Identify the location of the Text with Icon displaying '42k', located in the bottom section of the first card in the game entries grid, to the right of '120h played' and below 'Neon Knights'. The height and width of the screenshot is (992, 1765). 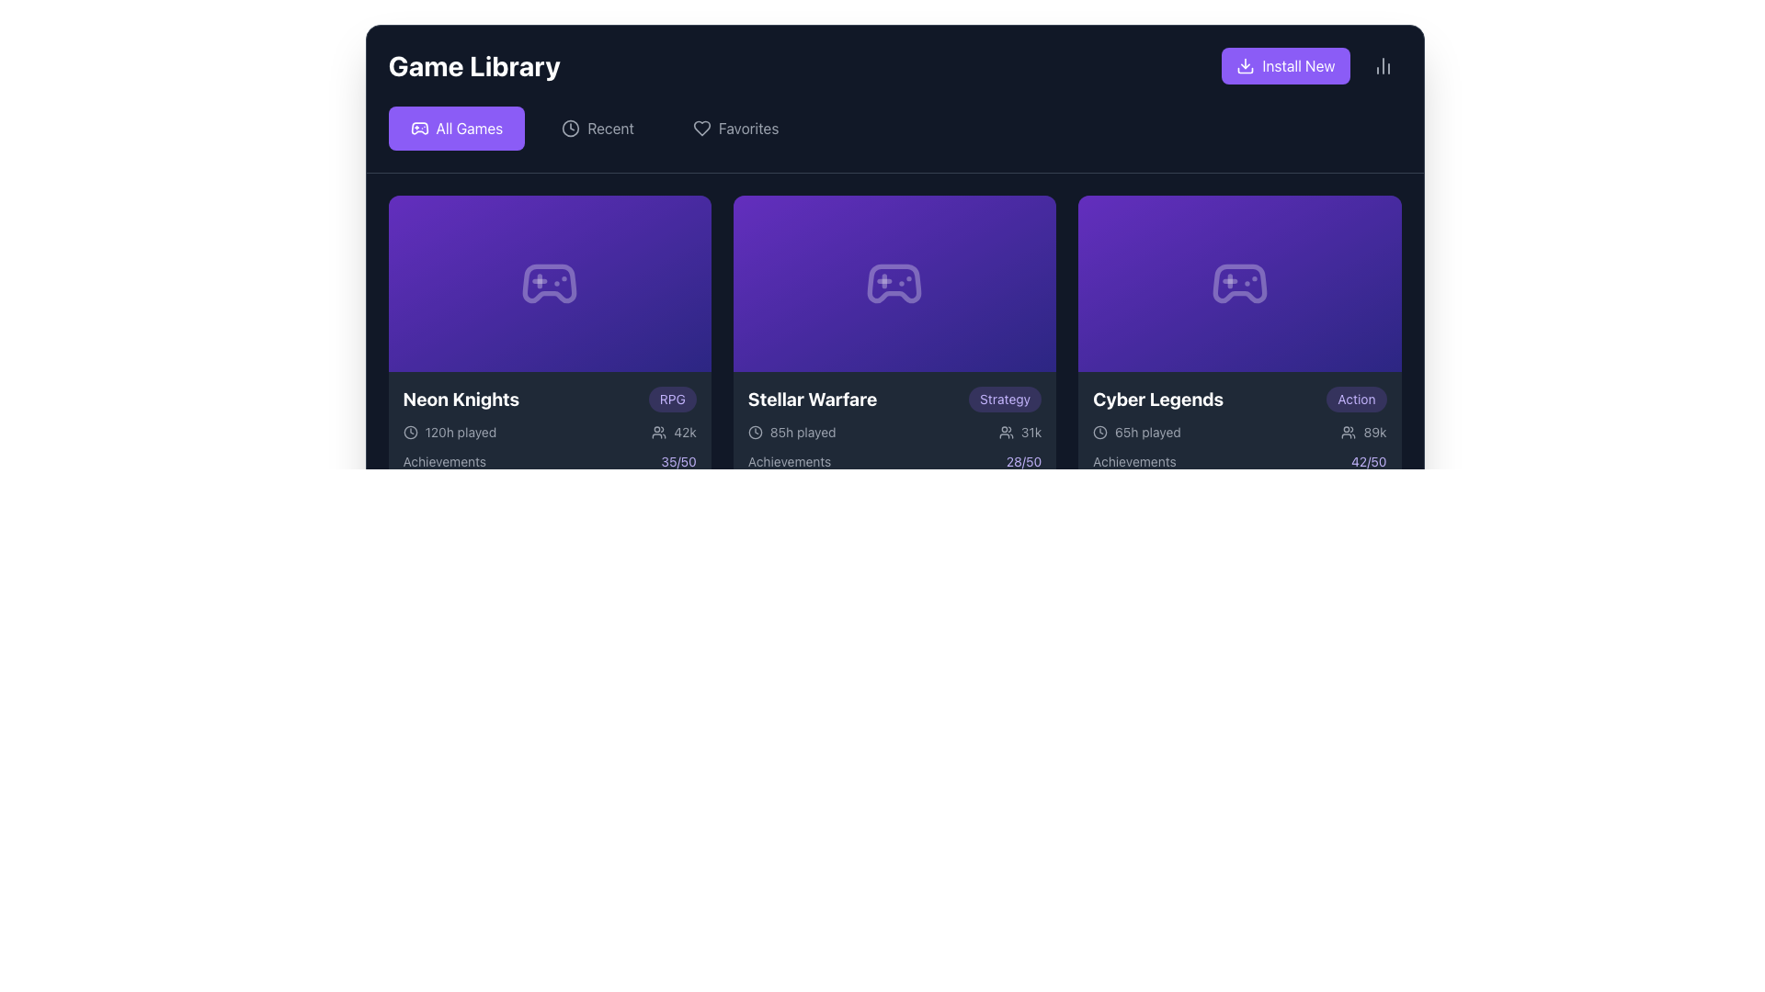
(673, 432).